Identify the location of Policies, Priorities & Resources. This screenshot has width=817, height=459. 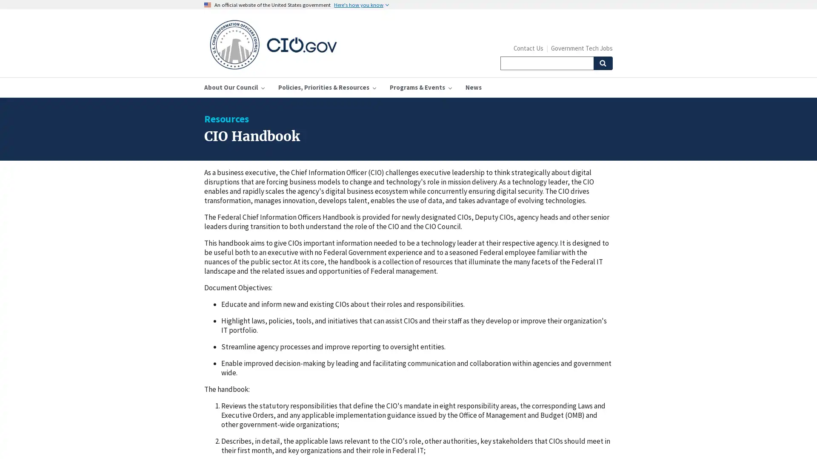
(326, 87).